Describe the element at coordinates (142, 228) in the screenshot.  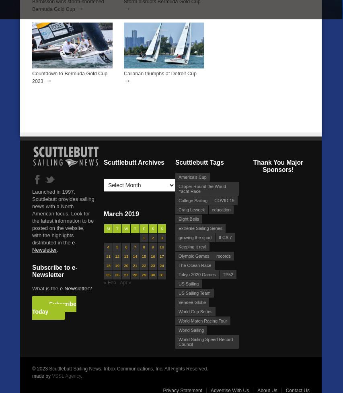
I see `'F'` at that location.